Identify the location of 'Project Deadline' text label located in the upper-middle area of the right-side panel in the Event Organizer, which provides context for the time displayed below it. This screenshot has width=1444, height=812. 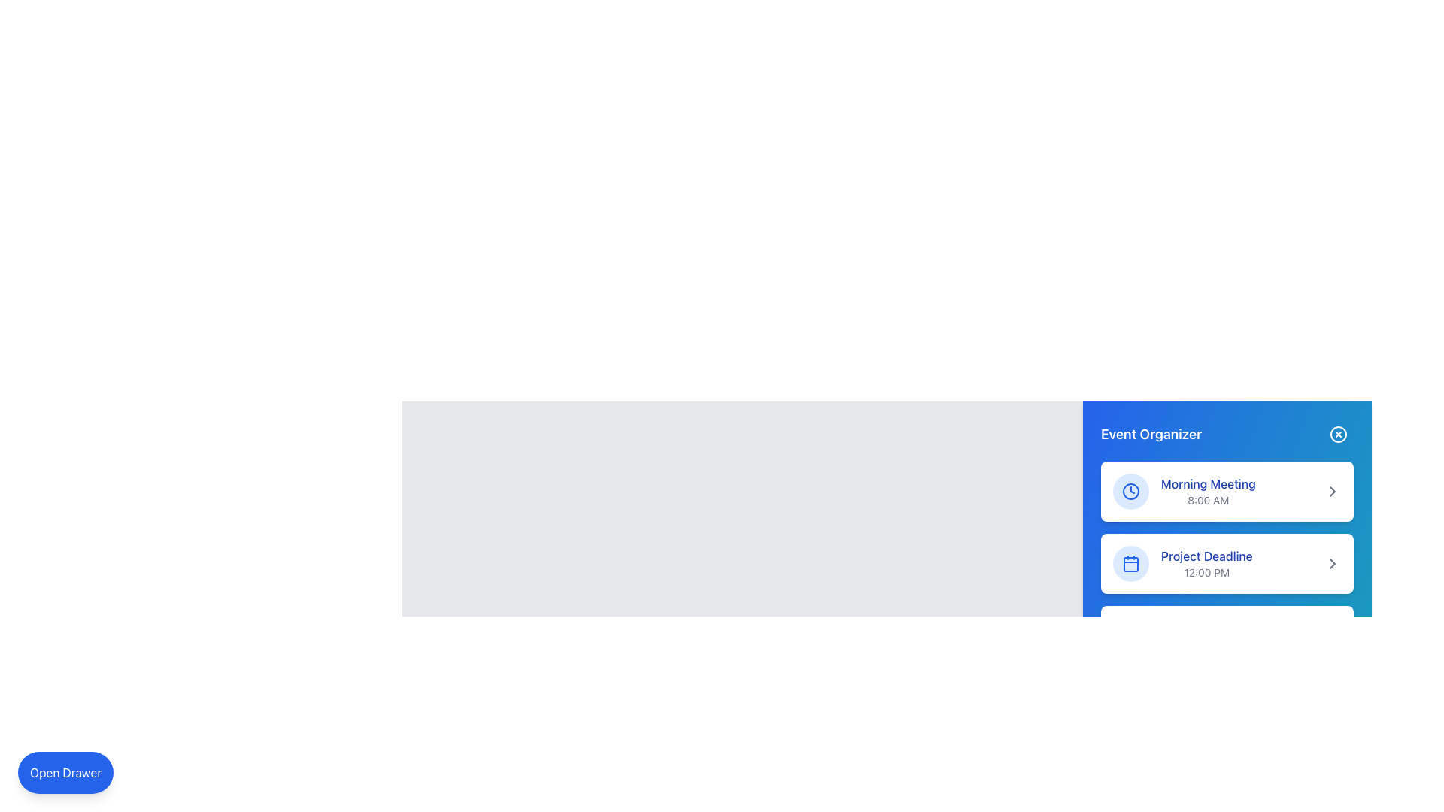
(1206, 556).